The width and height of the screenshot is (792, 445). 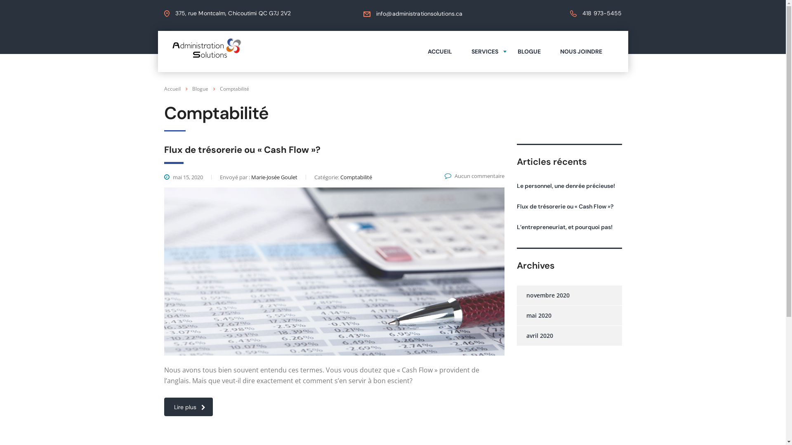 What do you see at coordinates (485, 51) in the screenshot?
I see `'SERVICES'` at bounding box center [485, 51].